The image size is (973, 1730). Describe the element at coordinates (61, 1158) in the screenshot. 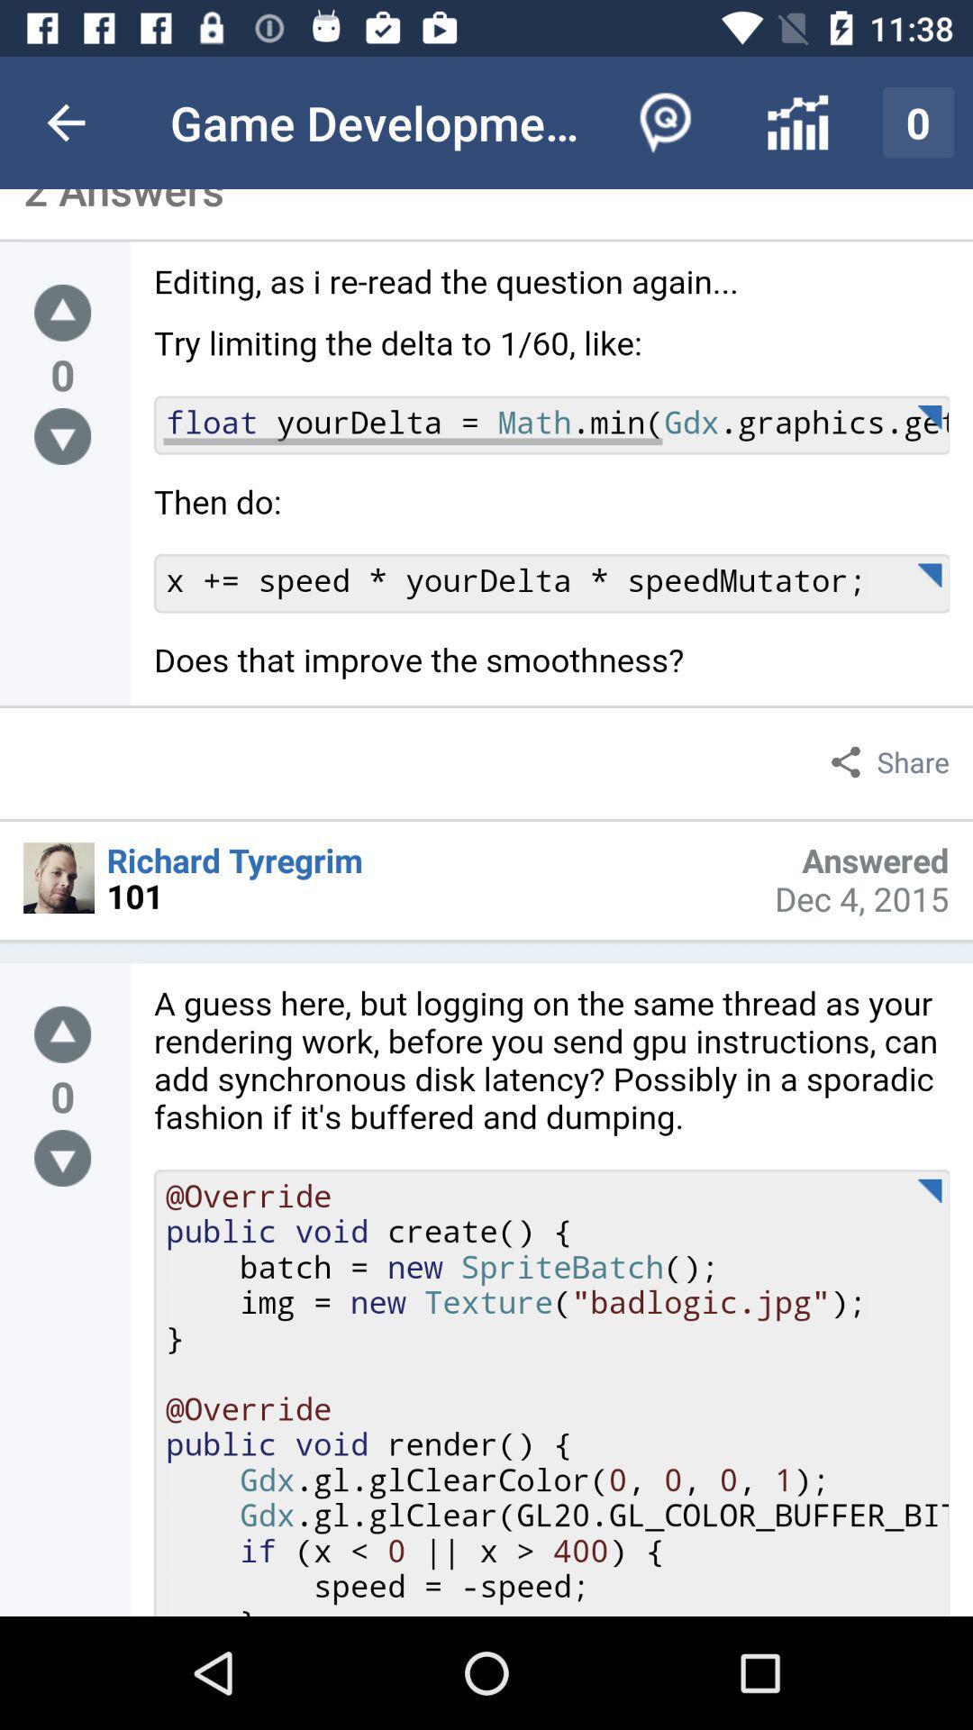

I see `page down` at that location.